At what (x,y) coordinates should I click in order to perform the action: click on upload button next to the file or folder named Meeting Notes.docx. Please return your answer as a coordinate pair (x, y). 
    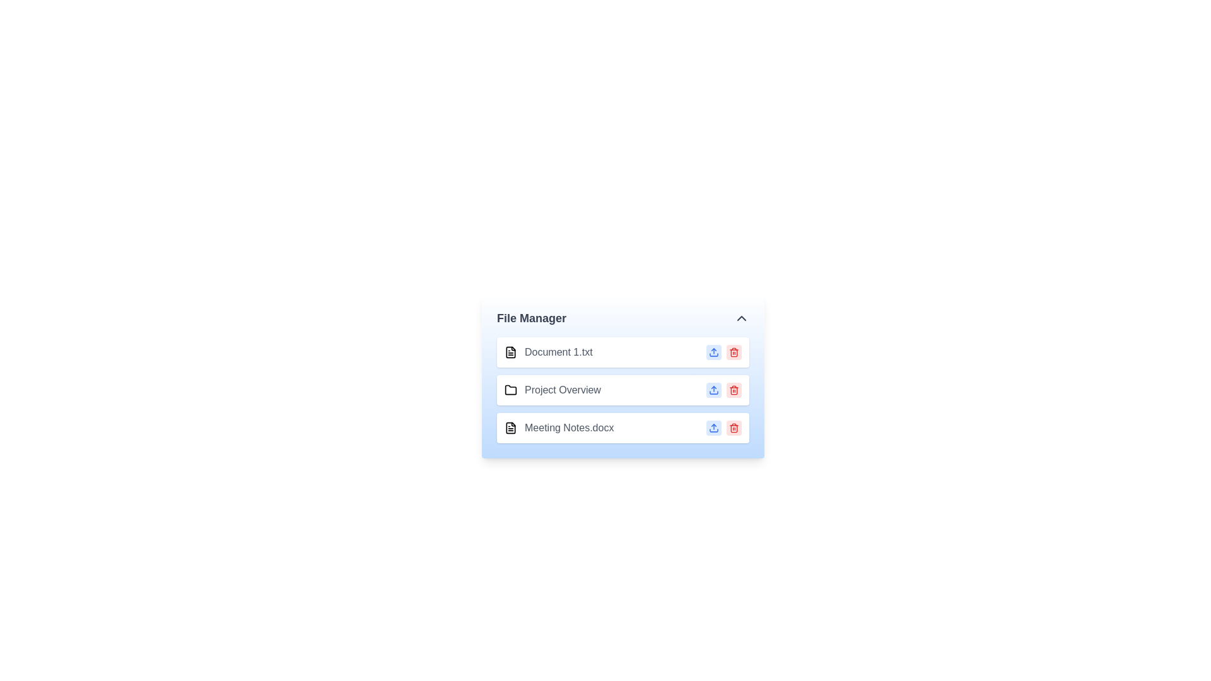
    Looking at the image, I should click on (714, 427).